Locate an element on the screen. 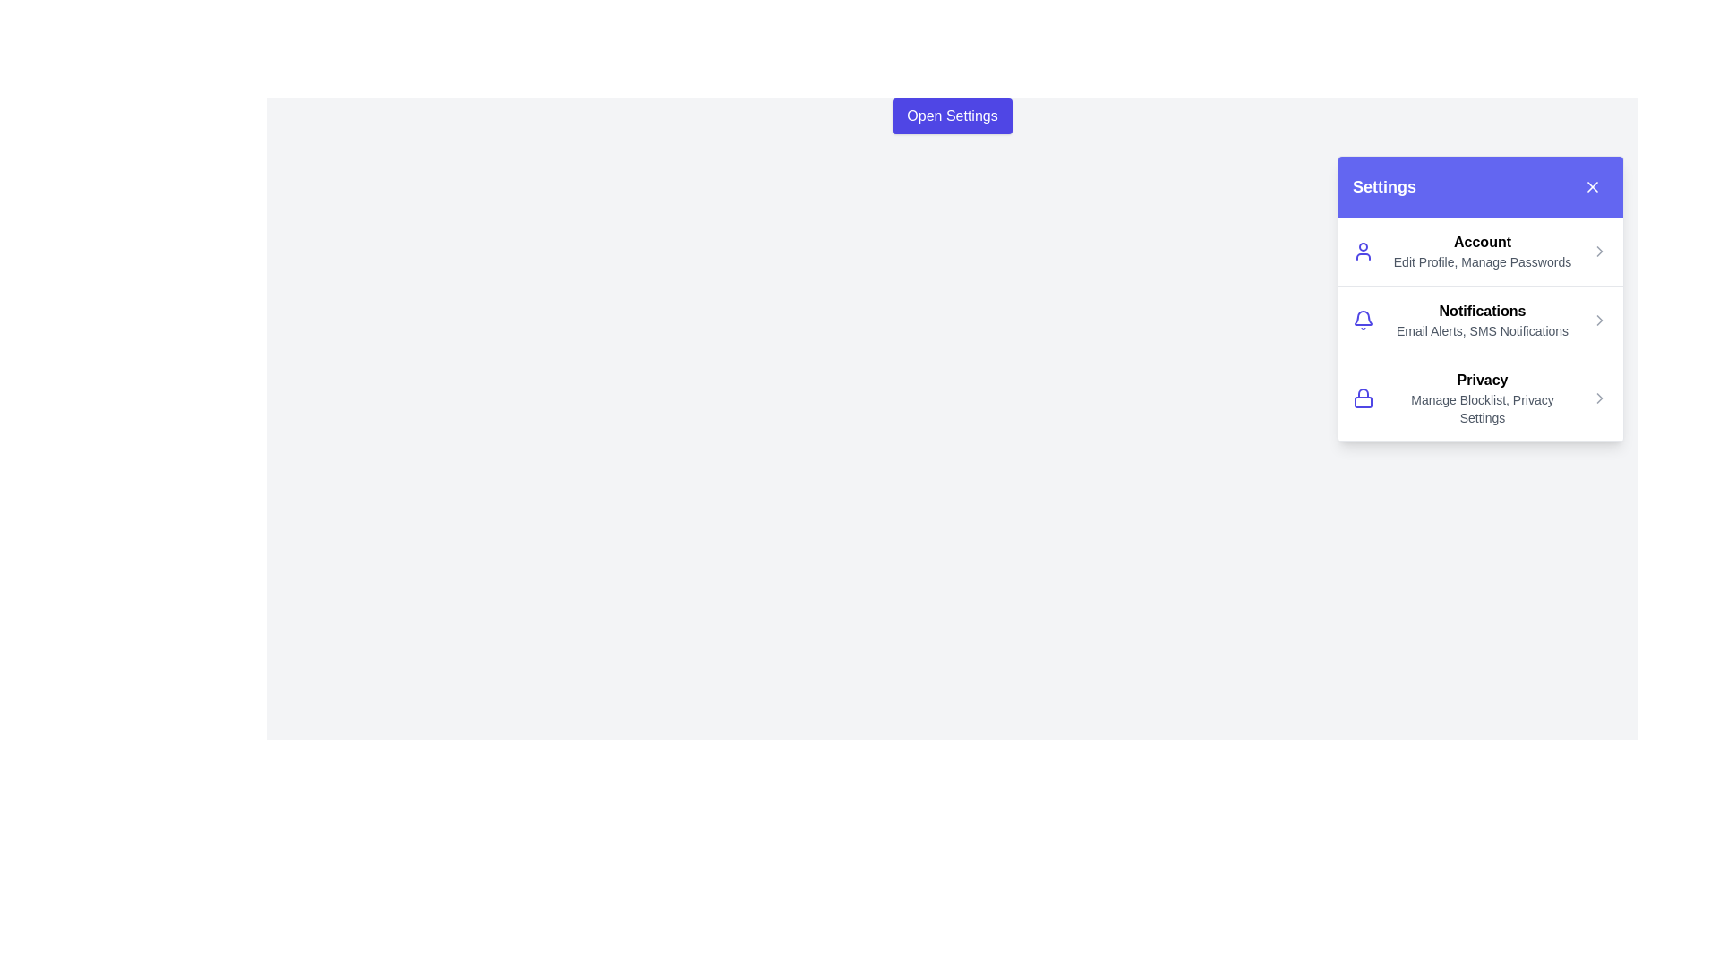  the 'Email Alerts, SMS Notifications' text label located beneath the 'Notifications' title in the settings menu is located at coordinates (1483, 331).